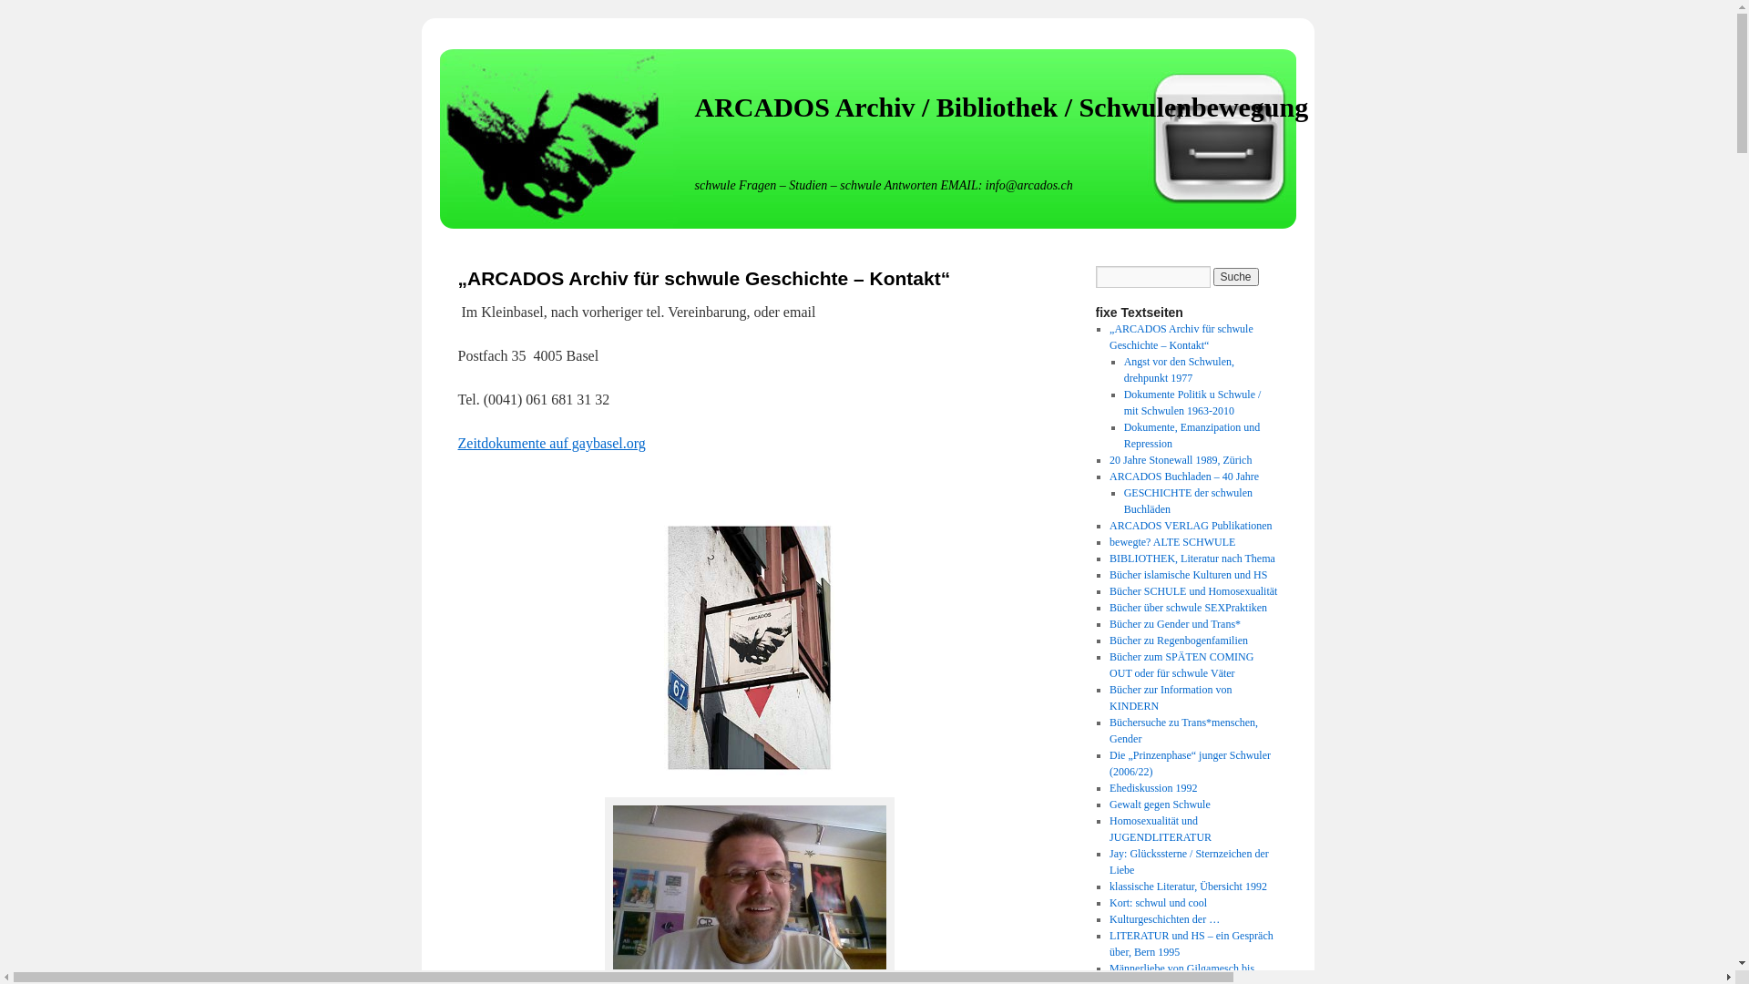  What do you see at coordinates (1192, 402) in the screenshot?
I see `'Dokumente Politik u Schwule / mit Schwulen 1963-2010'` at bounding box center [1192, 402].